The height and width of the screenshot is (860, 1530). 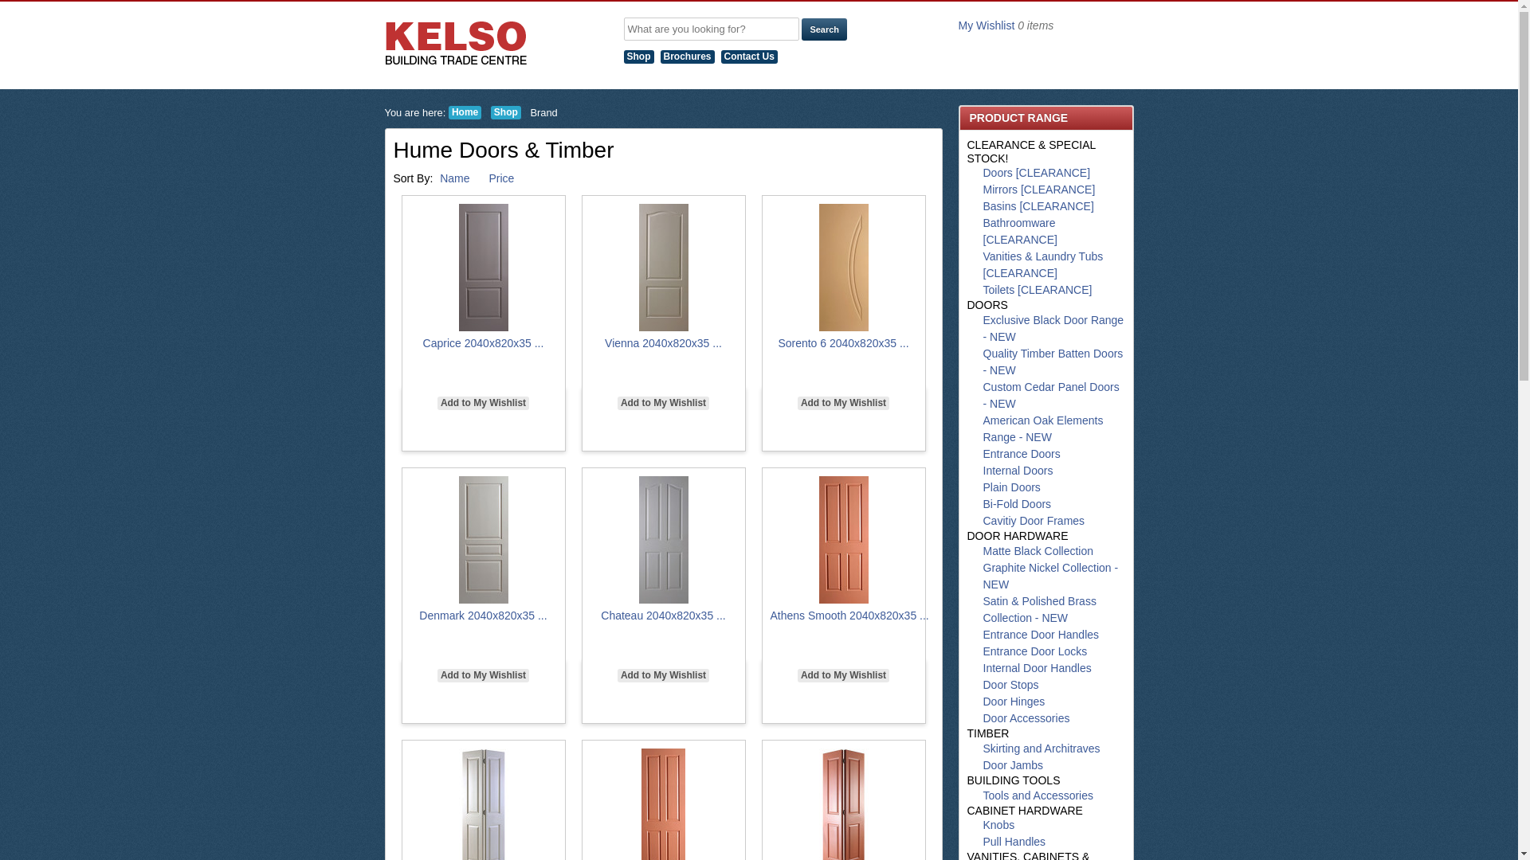 I want to click on 'Door Jambs', so click(x=982, y=764).